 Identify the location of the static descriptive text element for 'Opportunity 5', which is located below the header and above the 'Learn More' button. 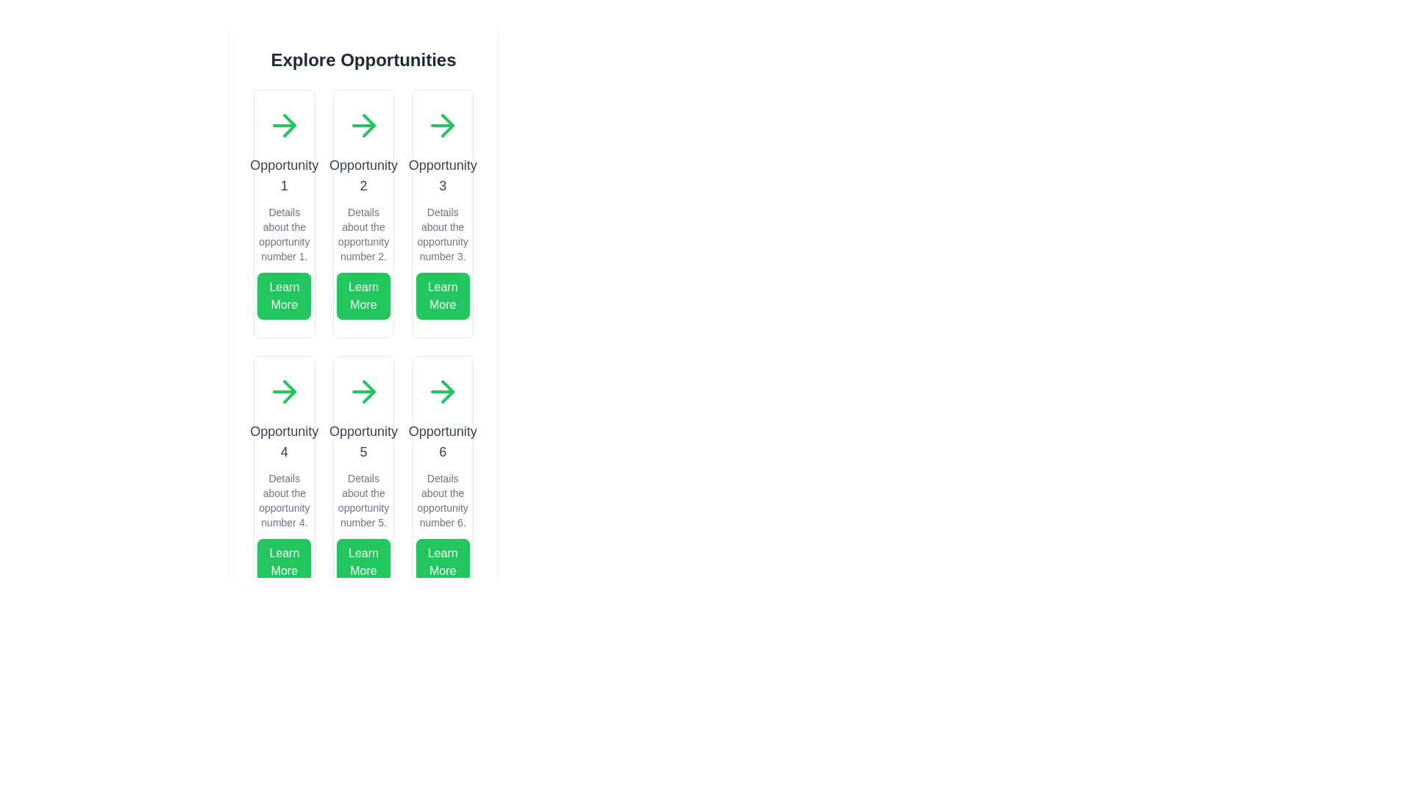
(363, 500).